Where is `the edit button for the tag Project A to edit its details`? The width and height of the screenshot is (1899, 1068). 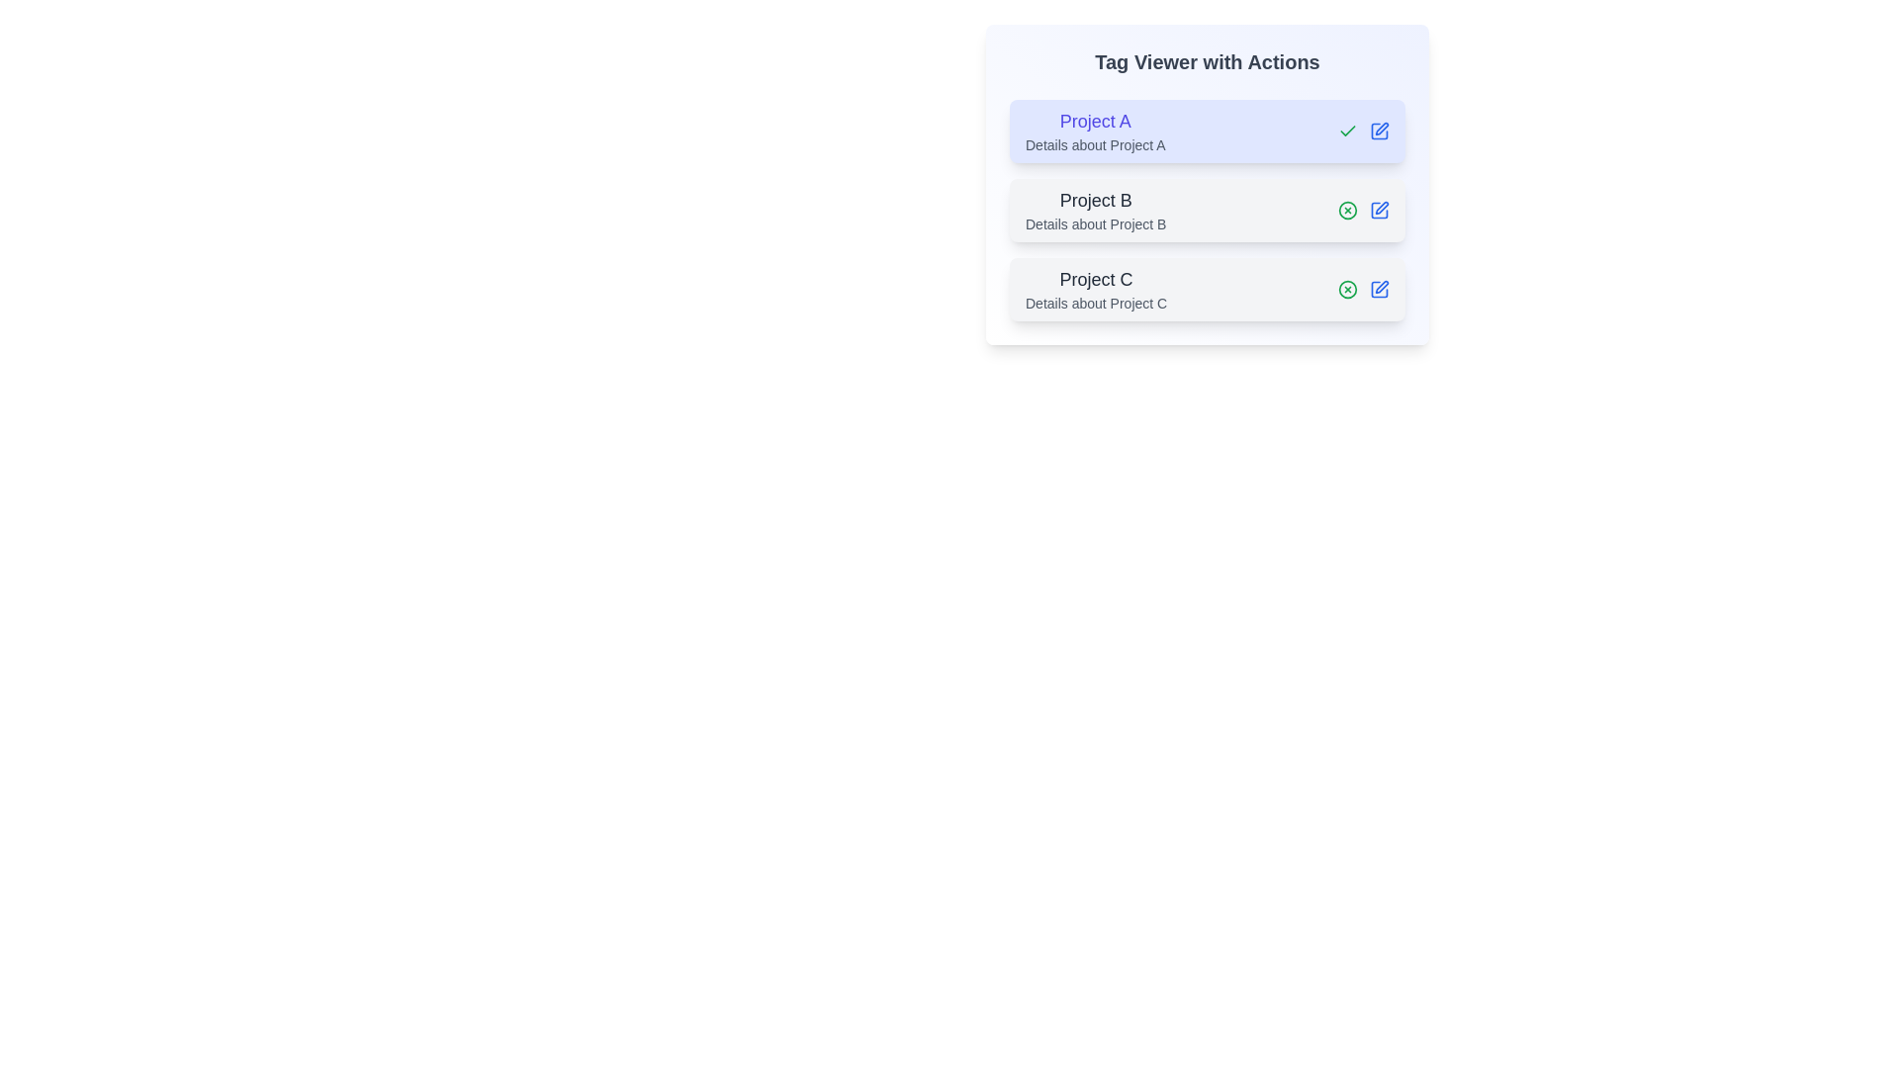 the edit button for the tag Project A to edit its details is located at coordinates (1379, 131).